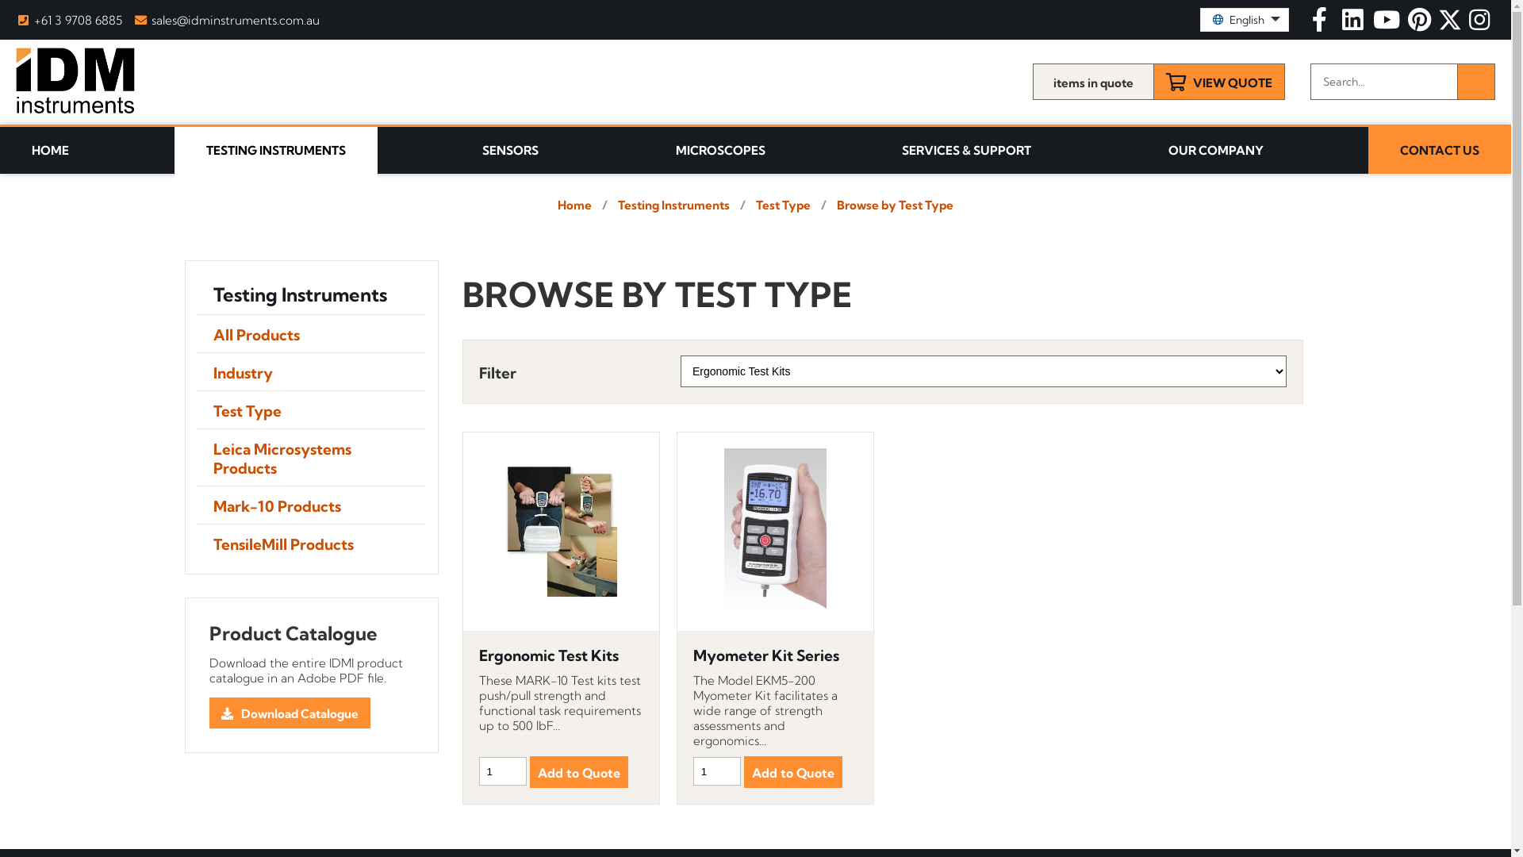 Image resolution: width=1523 pixels, height=857 pixels. What do you see at coordinates (1387, 24) in the screenshot?
I see `'IDM Instruments on Youtube'` at bounding box center [1387, 24].